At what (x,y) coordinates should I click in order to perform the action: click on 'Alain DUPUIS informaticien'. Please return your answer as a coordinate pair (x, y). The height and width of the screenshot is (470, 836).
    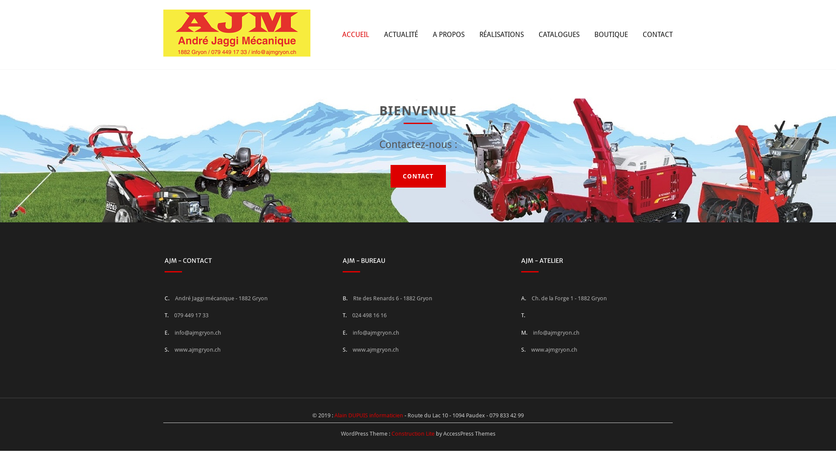
    Looking at the image, I should click on (334, 415).